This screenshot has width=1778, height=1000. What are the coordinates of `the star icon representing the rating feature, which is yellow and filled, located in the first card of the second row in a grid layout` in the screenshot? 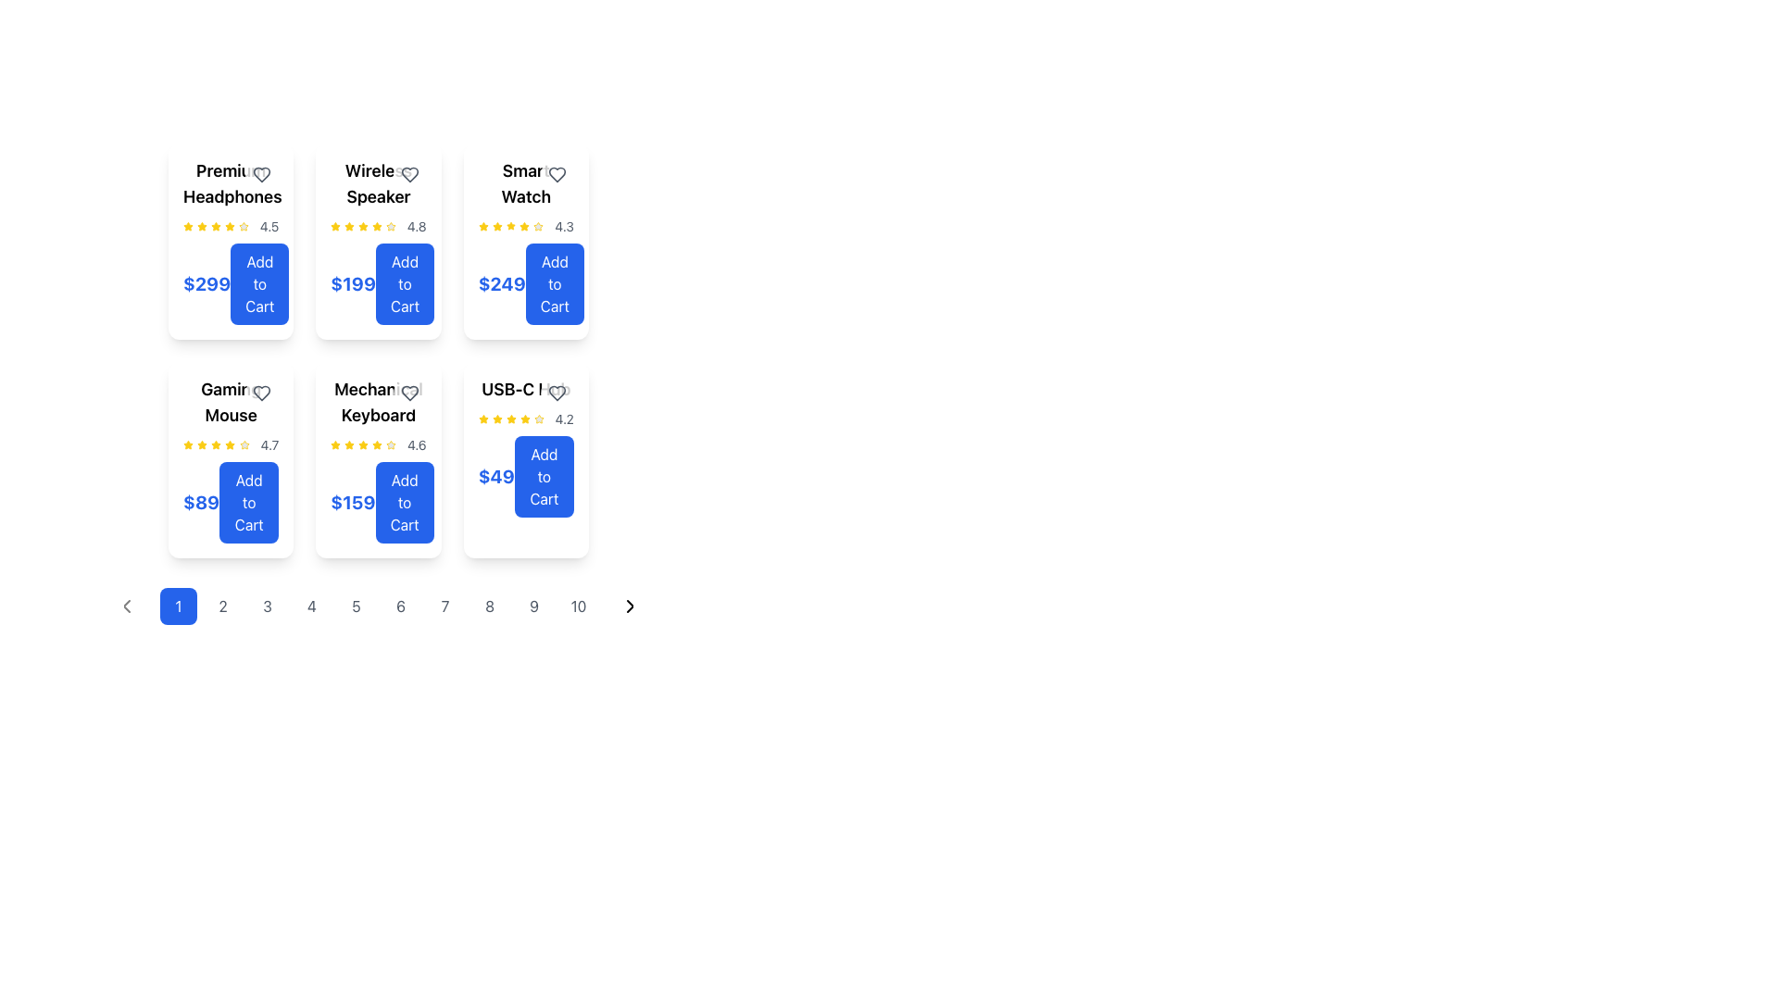 It's located at (243, 225).